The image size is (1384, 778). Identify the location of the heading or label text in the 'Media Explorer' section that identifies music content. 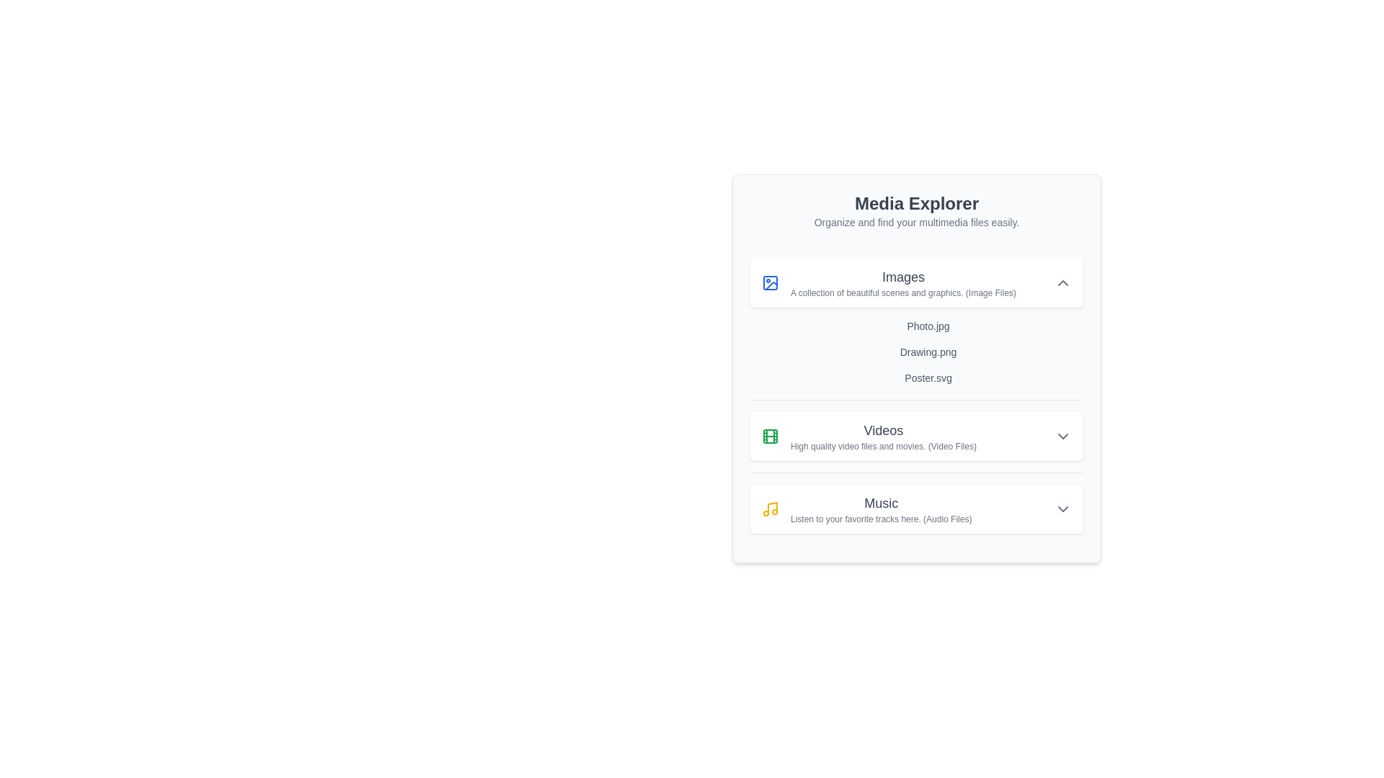
(880, 502).